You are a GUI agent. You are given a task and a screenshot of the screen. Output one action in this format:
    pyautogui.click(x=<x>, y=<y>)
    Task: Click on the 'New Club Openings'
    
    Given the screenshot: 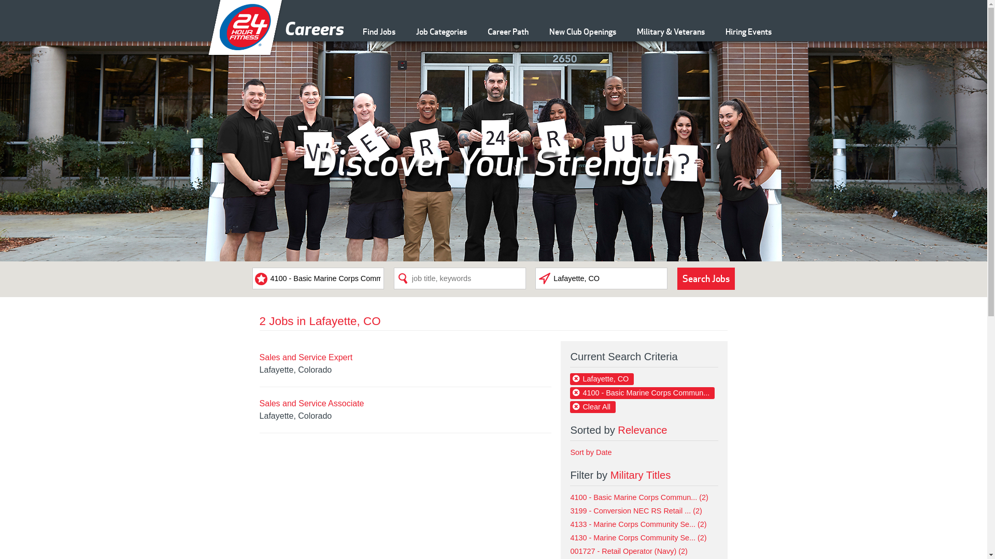 What is the action you would take?
    pyautogui.click(x=582, y=29)
    